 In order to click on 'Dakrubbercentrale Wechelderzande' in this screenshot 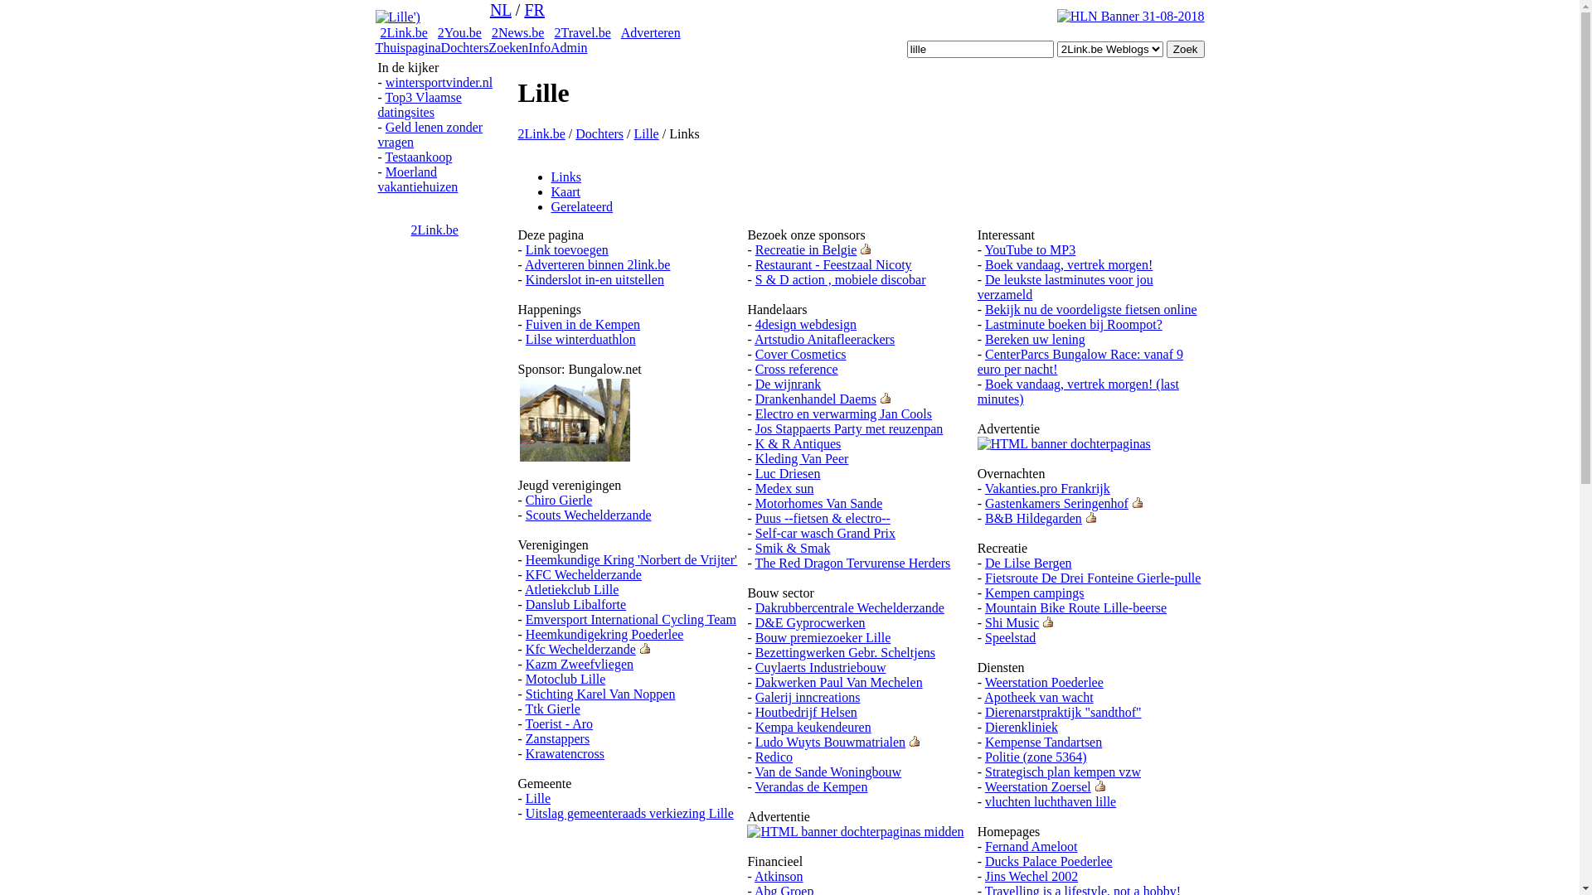, I will do `click(755, 607)`.